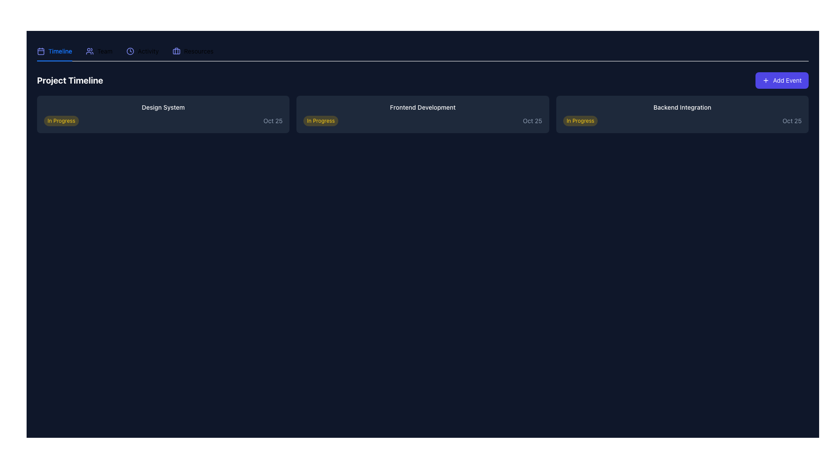 This screenshot has height=470, width=837. What do you see at coordinates (320, 121) in the screenshot?
I see `the status indicator label that shows 'In Progress'` at bounding box center [320, 121].